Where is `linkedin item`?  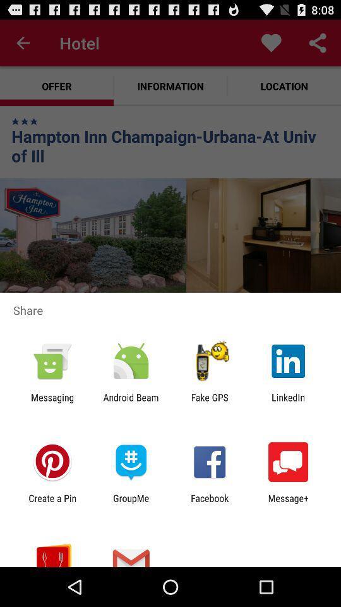
linkedin item is located at coordinates (288, 402).